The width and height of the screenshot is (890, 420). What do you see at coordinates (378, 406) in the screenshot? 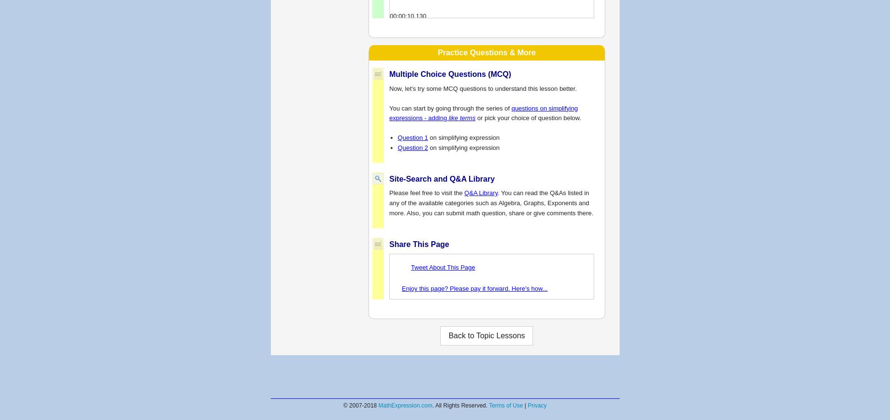
I see `'MathExpression.com'` at bounding box center [378, 406].